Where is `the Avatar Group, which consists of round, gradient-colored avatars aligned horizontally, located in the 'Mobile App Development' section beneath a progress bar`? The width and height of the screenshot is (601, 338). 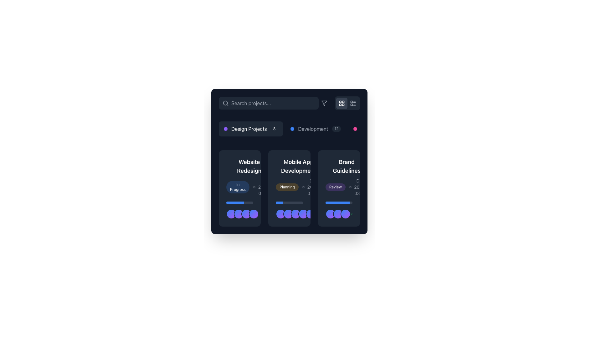 the Avatar Group, which consists of round, gradient-colored avatars aligned horizontally, located in the 'Mobile App Development' section beneath a progress bar is located at coordinates (289, 210).